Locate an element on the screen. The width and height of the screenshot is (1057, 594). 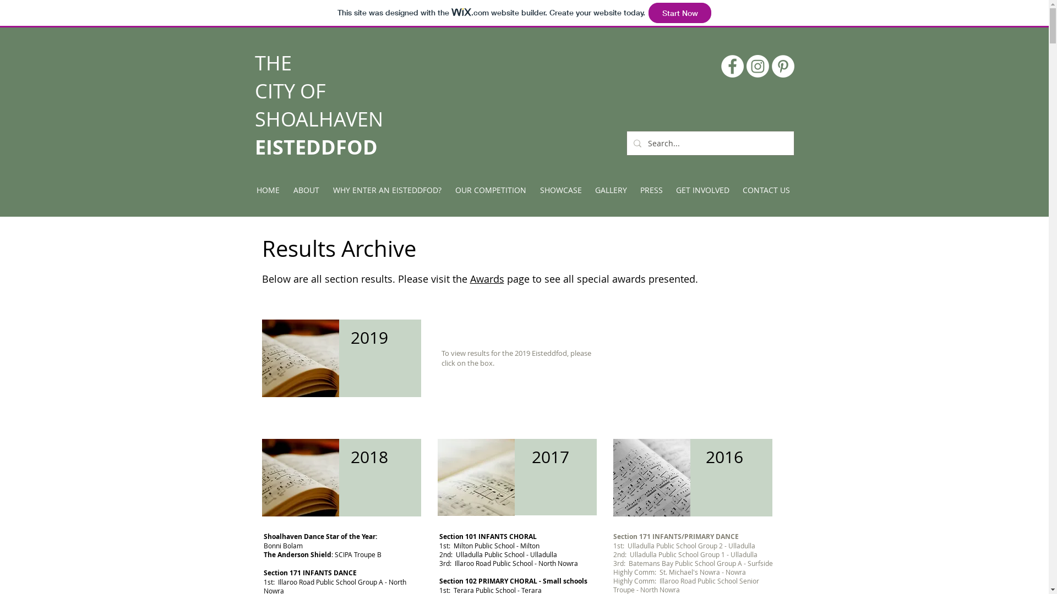
'GET INVOLVED' is located at coordinates (702, 190).